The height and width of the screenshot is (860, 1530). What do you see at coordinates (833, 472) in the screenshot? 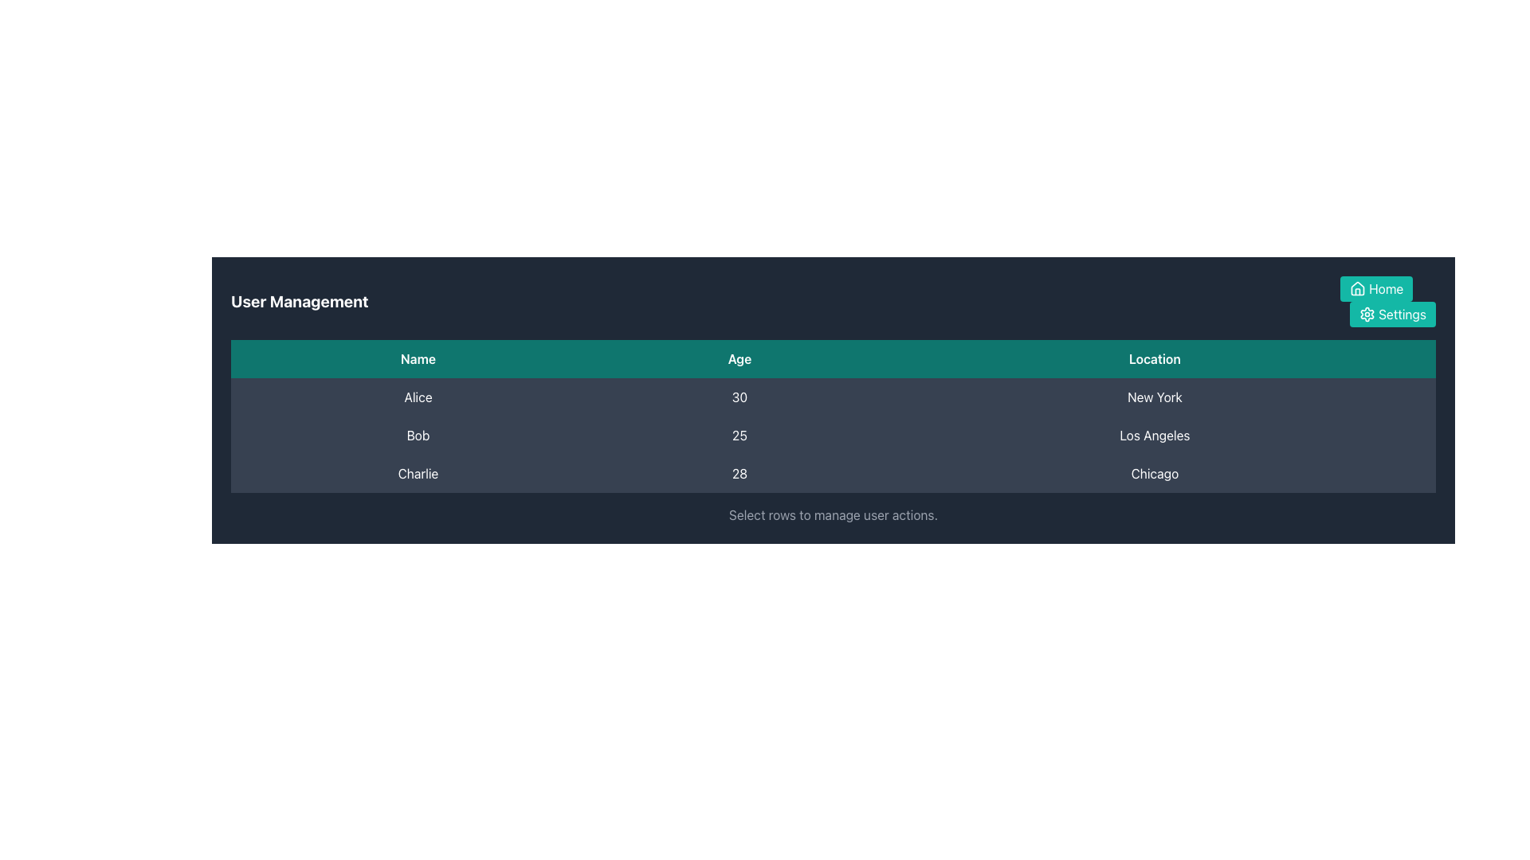
I see `the third row in the data table of the 'User Management' section that contains information about user 'Charlie', aged 28, located in Chicago` at bounding box center [833, 472].